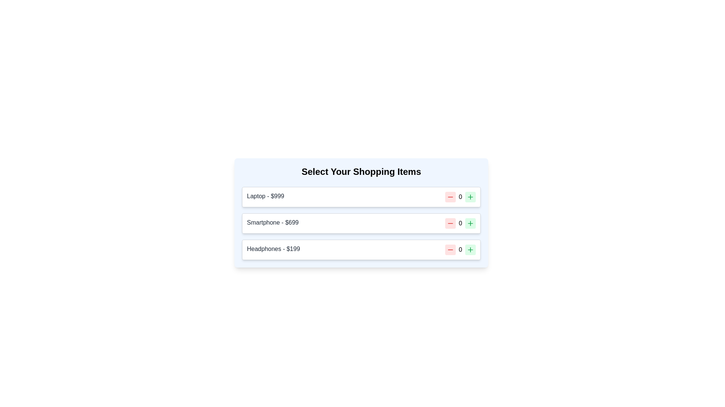 The height and width of the screenshot is (407, 725). Describe the element at coordinates (460, 250) in the screenshot. I see `the 'Headphones' quantity text label located in the central portion of the quantity adjustment panel, which displays the current quantity of the item` at that location.